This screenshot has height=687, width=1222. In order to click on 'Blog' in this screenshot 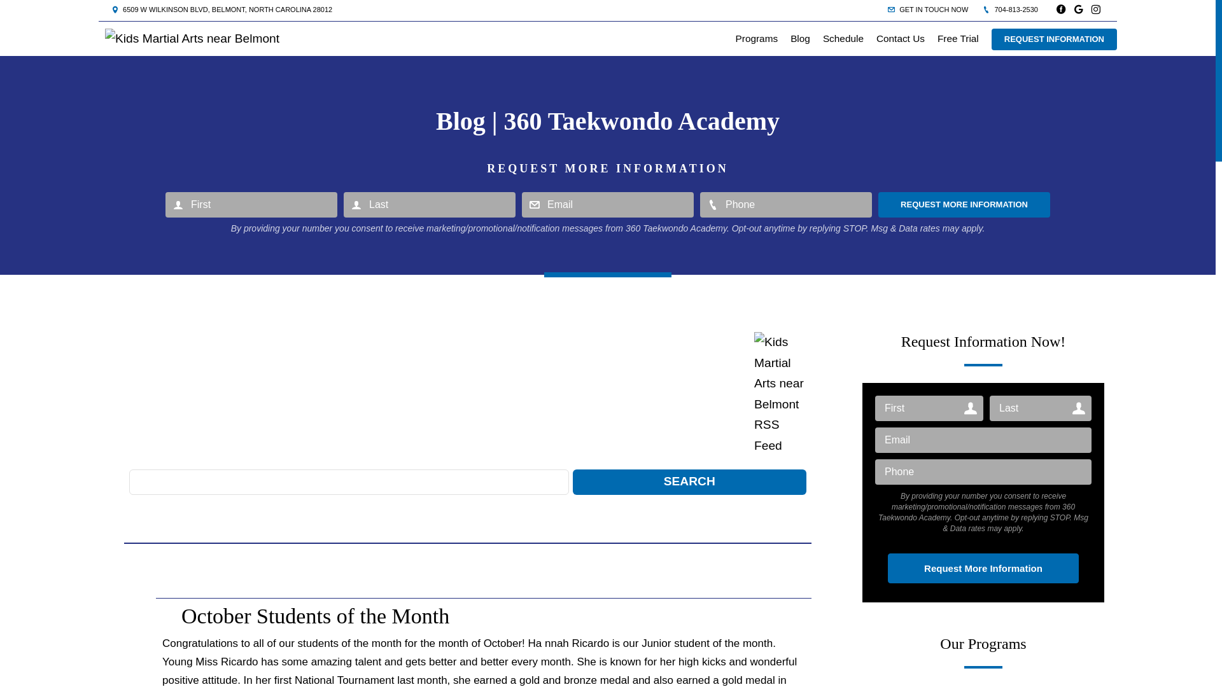, I will do `click(799, 38)`.